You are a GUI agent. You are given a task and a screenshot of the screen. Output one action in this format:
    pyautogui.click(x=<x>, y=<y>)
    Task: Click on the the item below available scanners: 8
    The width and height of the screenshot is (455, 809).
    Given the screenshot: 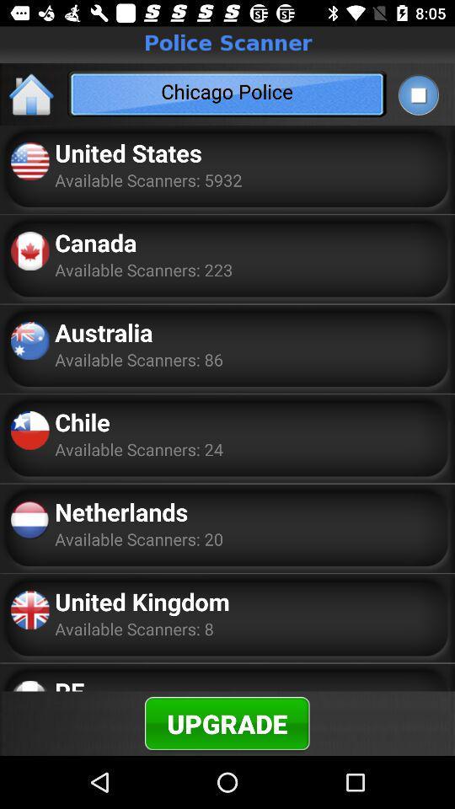 What is the action you would take?
    pyautogui.click(x=68, y=683)
    